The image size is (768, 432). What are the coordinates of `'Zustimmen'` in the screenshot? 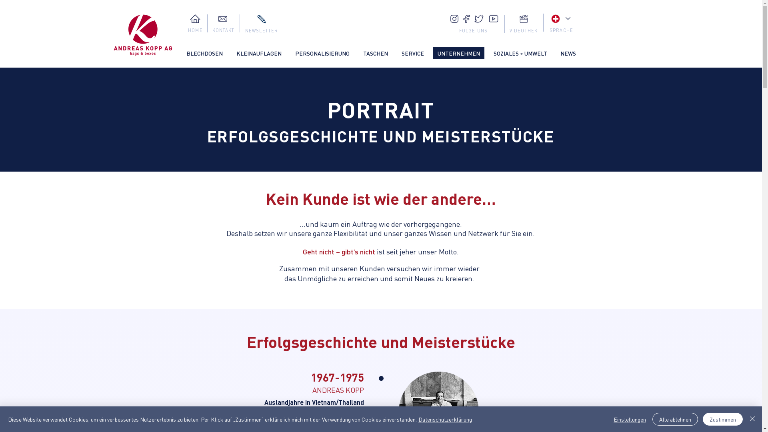 It's located at (722, 419).